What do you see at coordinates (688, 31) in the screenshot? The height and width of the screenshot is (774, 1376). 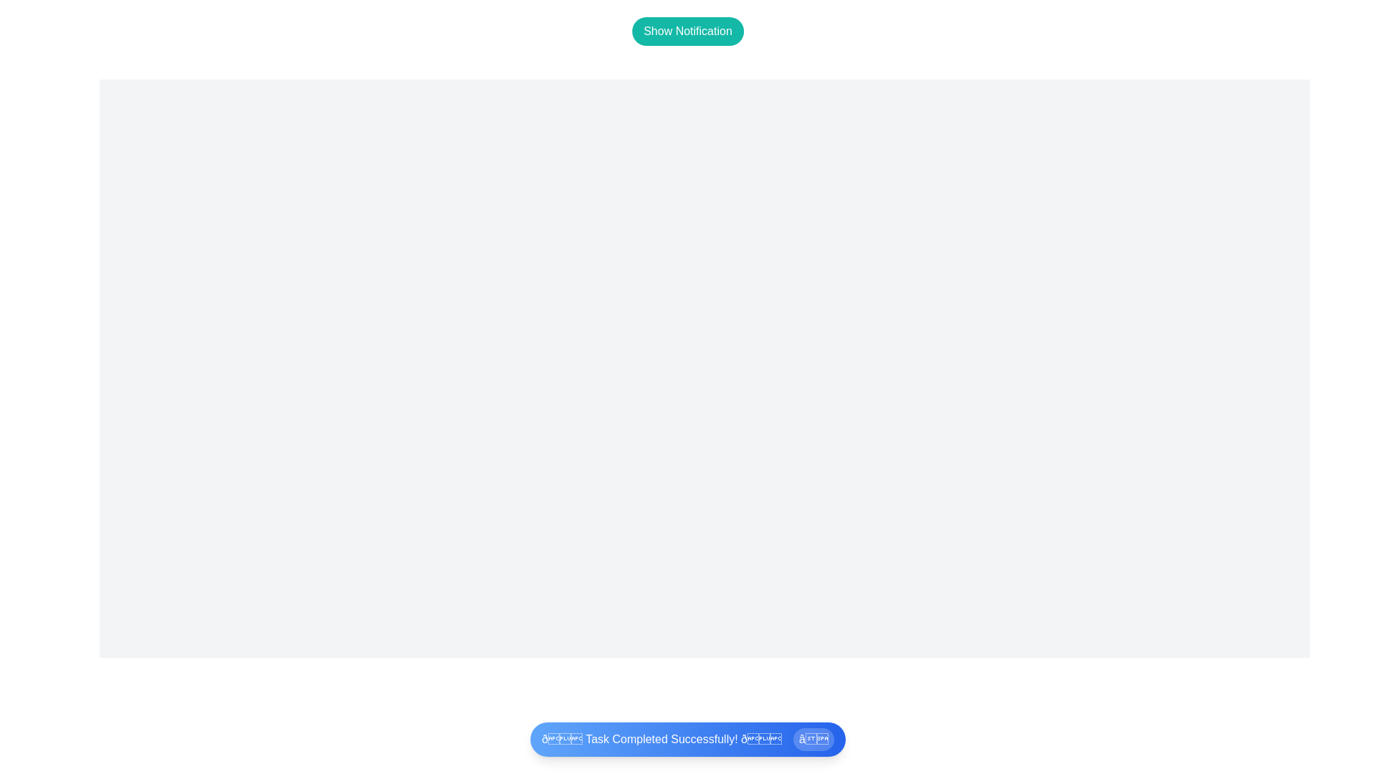 I see `the 'Show Notification' button to make the snackbar visible` at bounding box center [688, 31].